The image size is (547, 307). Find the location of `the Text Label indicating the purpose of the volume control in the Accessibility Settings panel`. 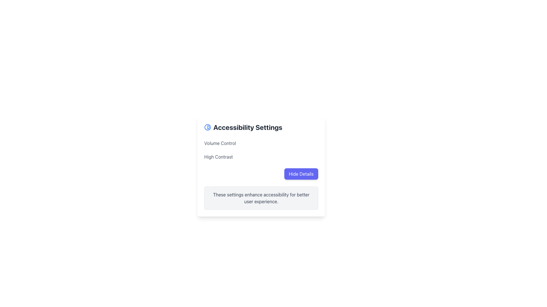

the Text Label indicating the purpose of the volume control in the Accessibility Settings panel is located at coordinates (220, 143).